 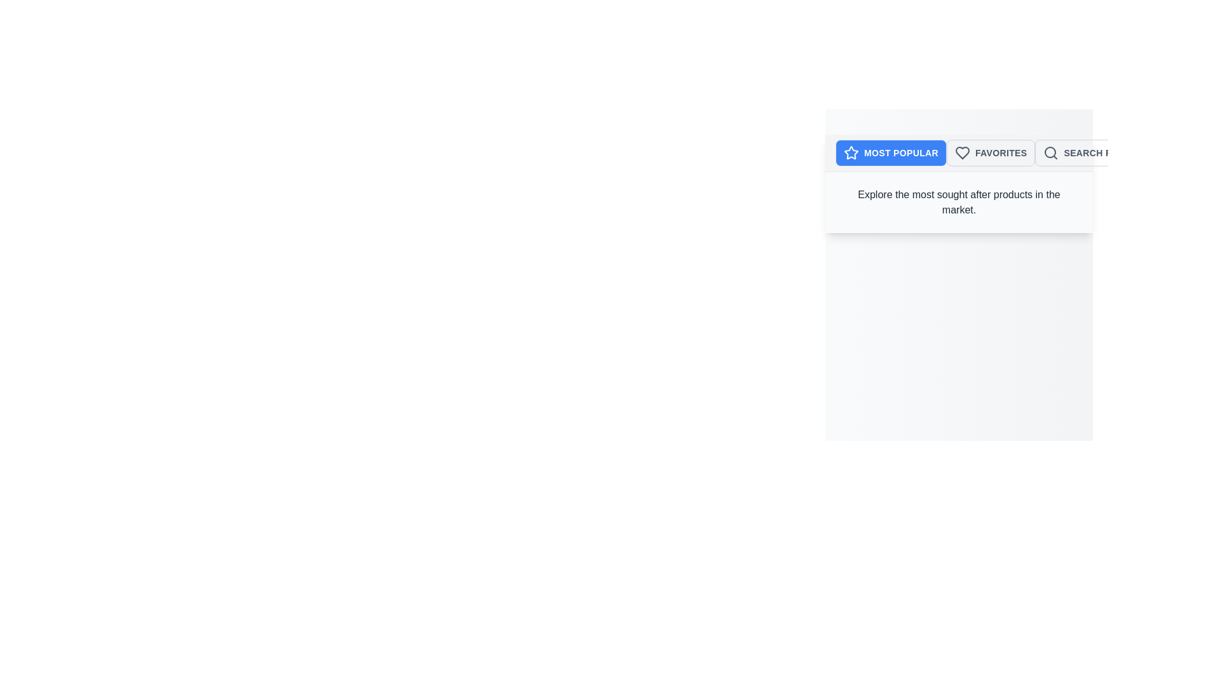 I want to click on the active tab content area to interact with it, so click(x=959, y=202).